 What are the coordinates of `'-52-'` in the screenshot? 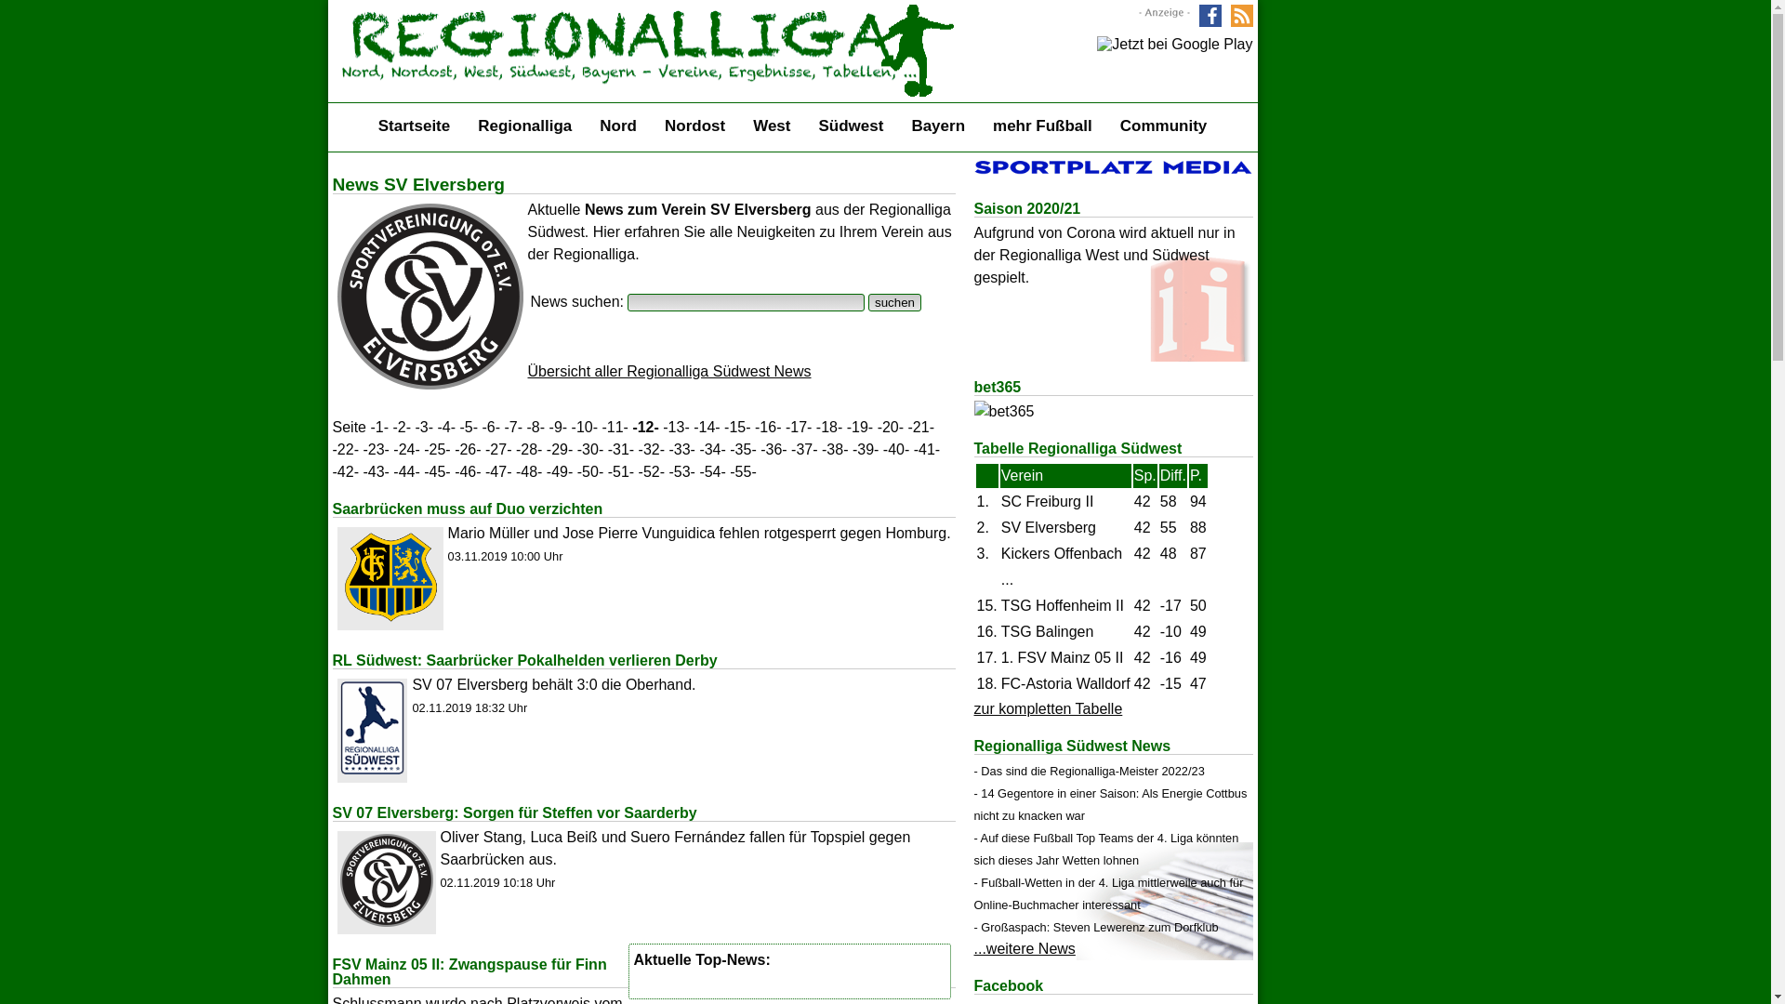 It's located at (651, 470).